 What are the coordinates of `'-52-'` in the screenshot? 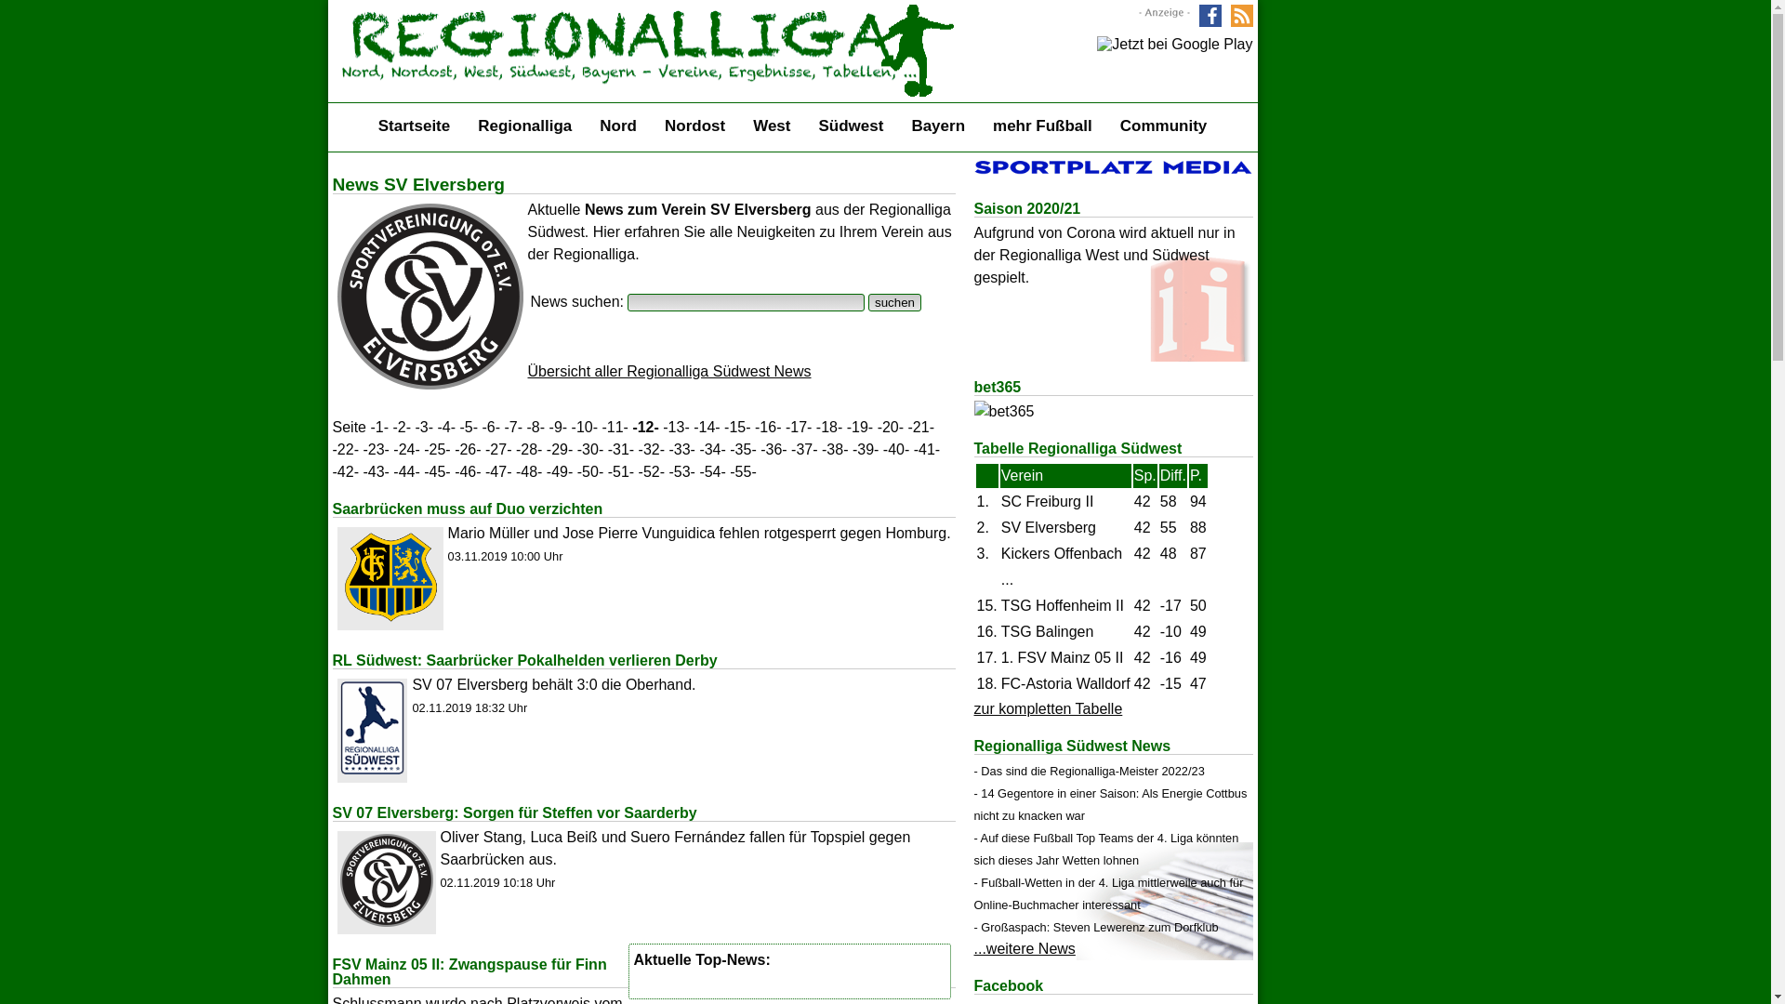 It's located at (651, 470).